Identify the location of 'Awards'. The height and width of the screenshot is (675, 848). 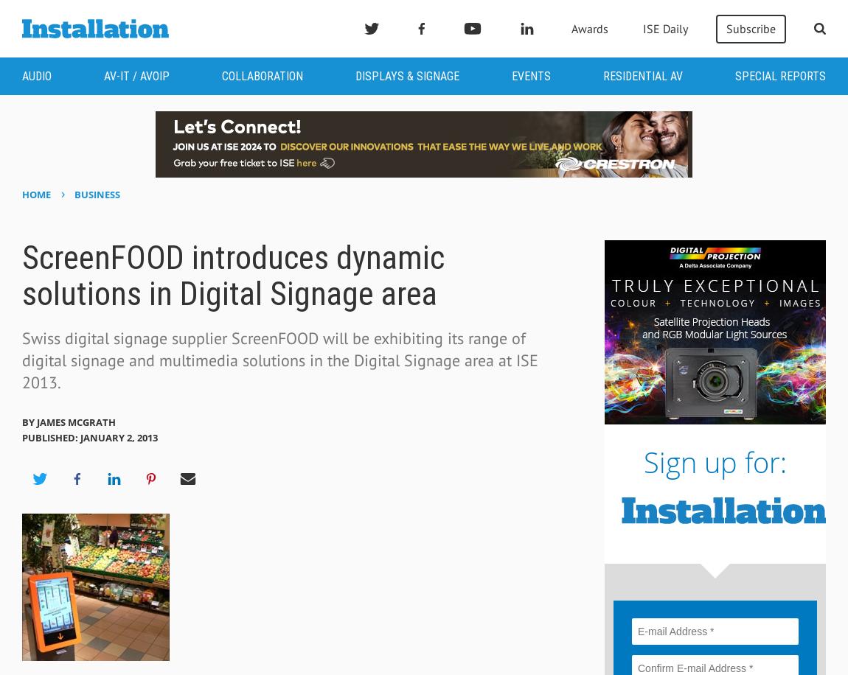
(569, 29).